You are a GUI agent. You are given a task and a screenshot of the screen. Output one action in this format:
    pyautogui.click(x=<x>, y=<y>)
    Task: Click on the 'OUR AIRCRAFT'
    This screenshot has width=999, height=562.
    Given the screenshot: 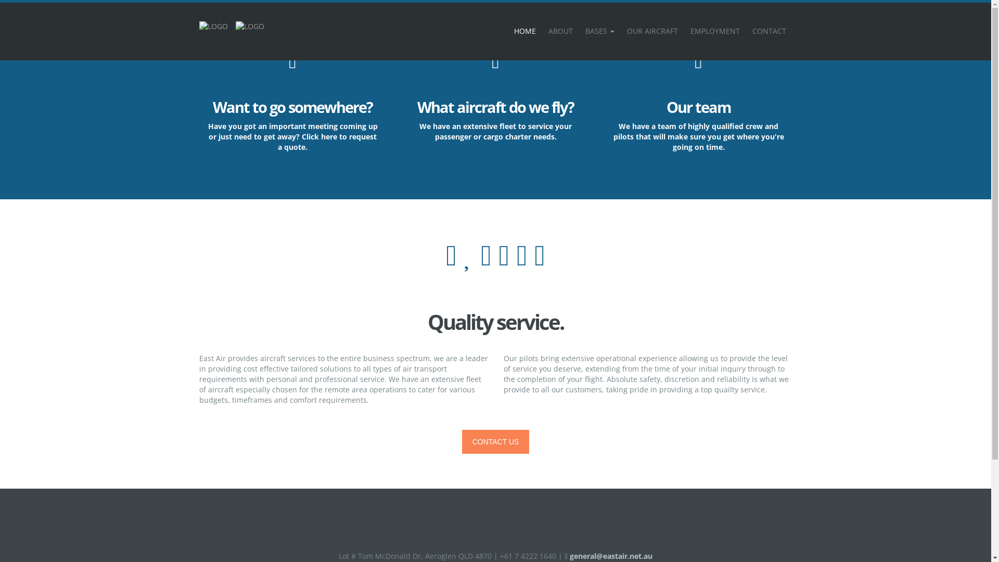 What is the action you would take?
    pyautogui.click(x=651, y=31)
    